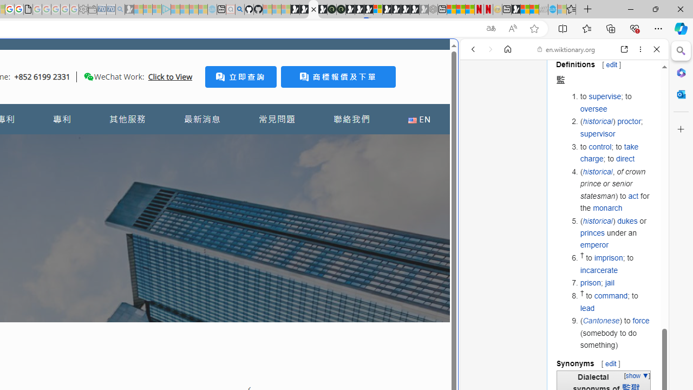  I want to click on '(historical) dukes or princes under an emperor', so click(616, 232).